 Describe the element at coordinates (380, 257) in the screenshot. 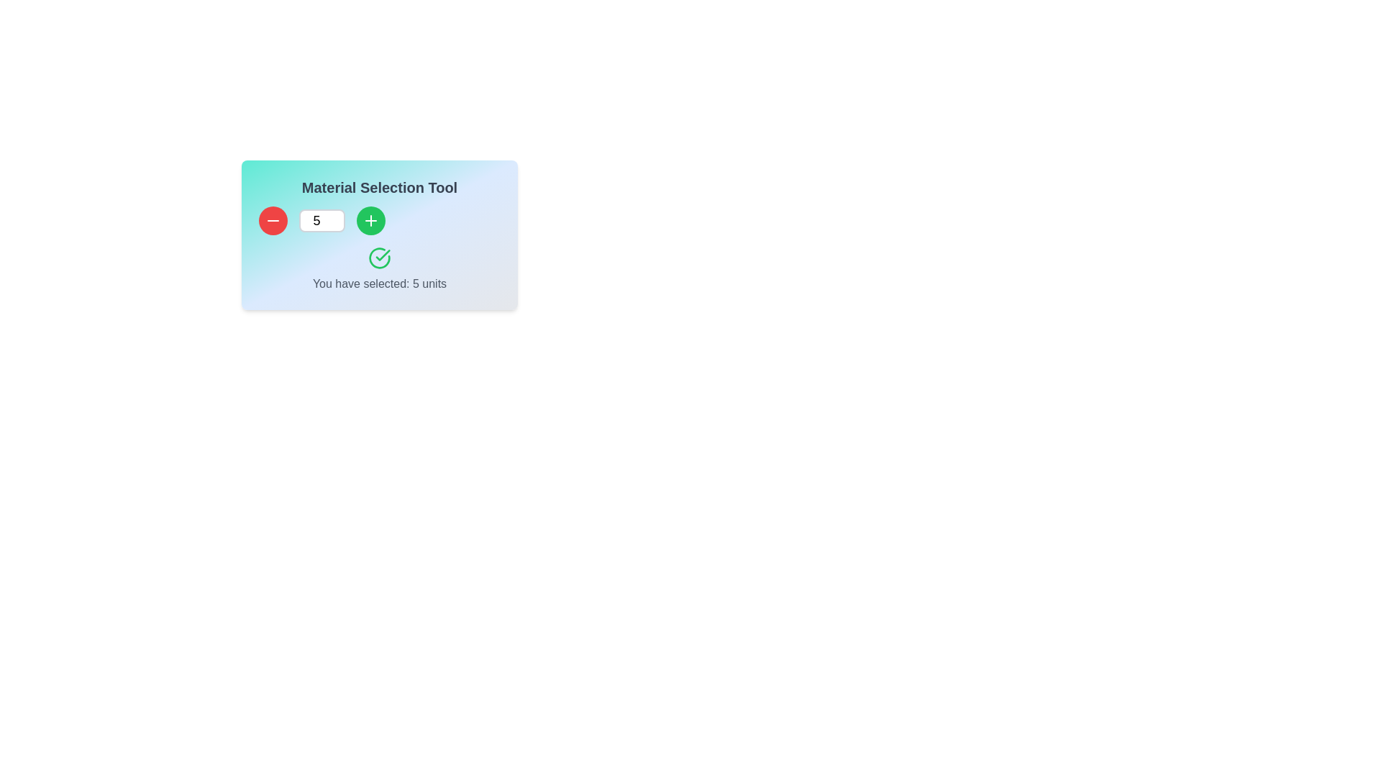

I see `the circular icon displaying a green checkmark, which is positioned above the text 'You have selected: 5 units'` at that location.